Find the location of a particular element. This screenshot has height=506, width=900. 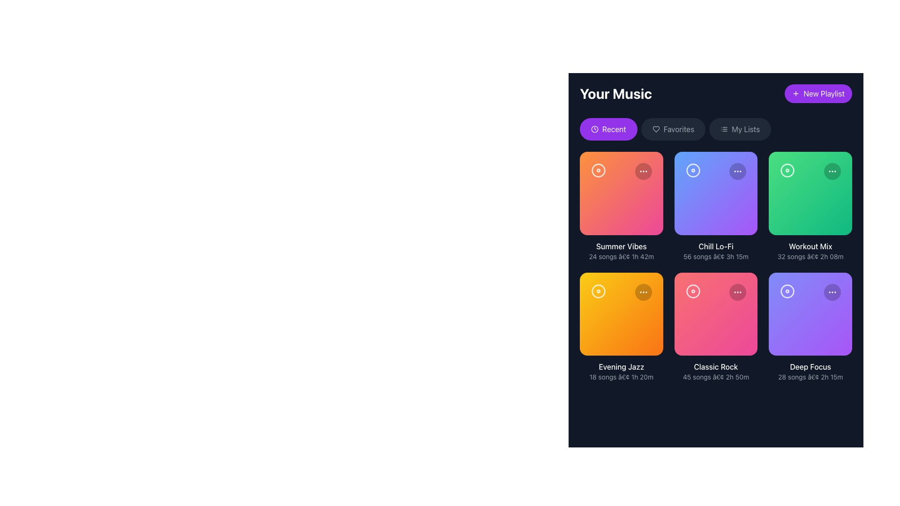

the circular icon or decorative marker located at the top-left corner of the 'Evening Jazz' card is located at coordinates (598, 290).